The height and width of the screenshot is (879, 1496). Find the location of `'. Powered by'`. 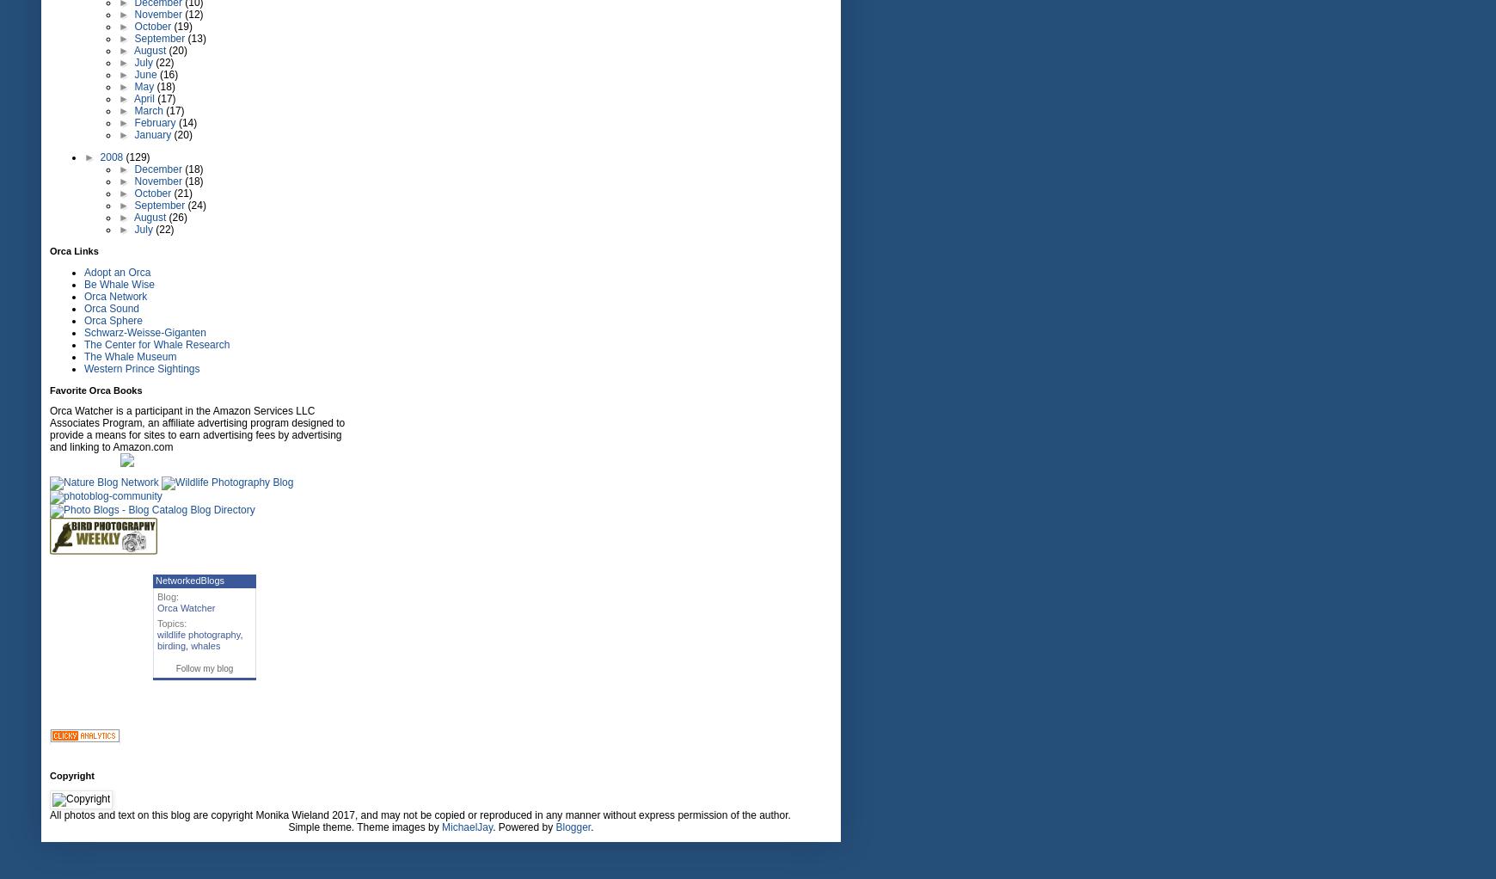

'. Powered by' is located at coordinates (523, 827).